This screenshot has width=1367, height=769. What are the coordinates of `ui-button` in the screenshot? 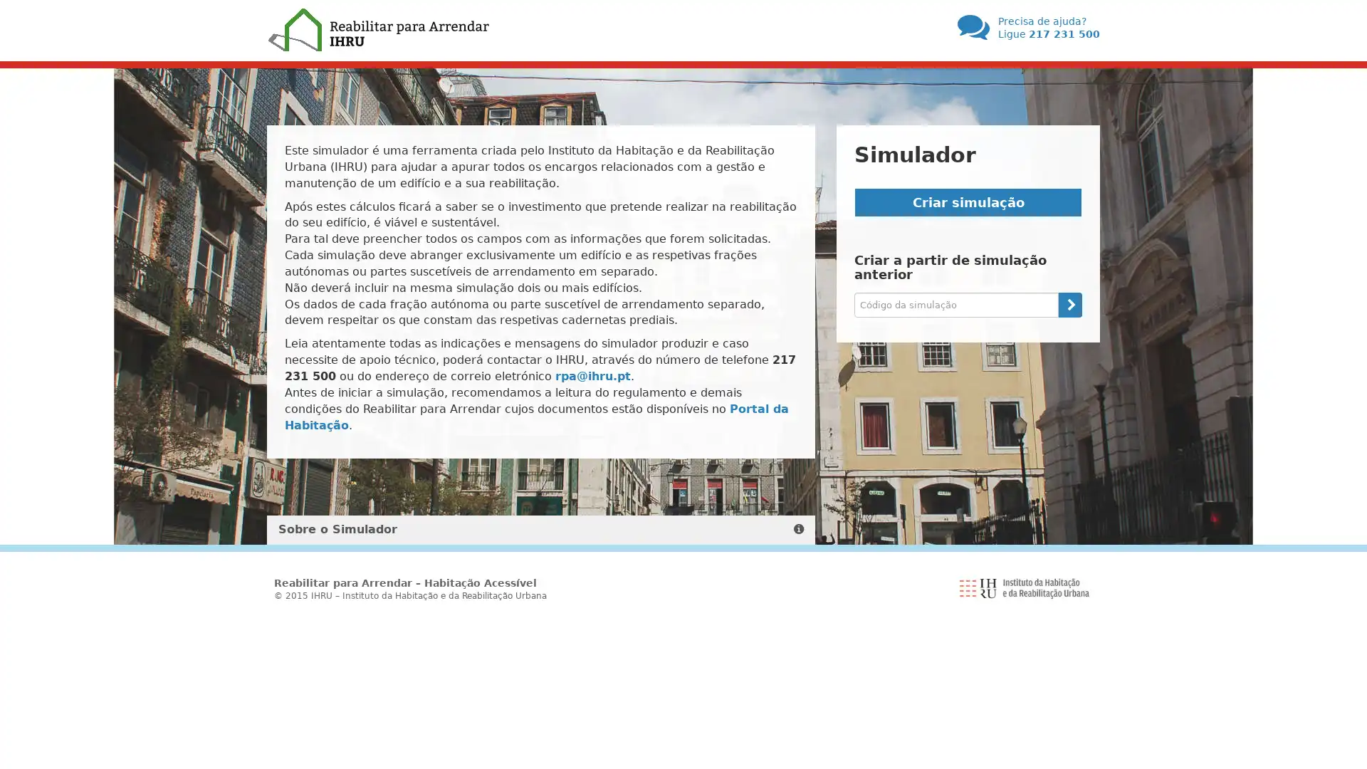 It's located at (1069, 303).